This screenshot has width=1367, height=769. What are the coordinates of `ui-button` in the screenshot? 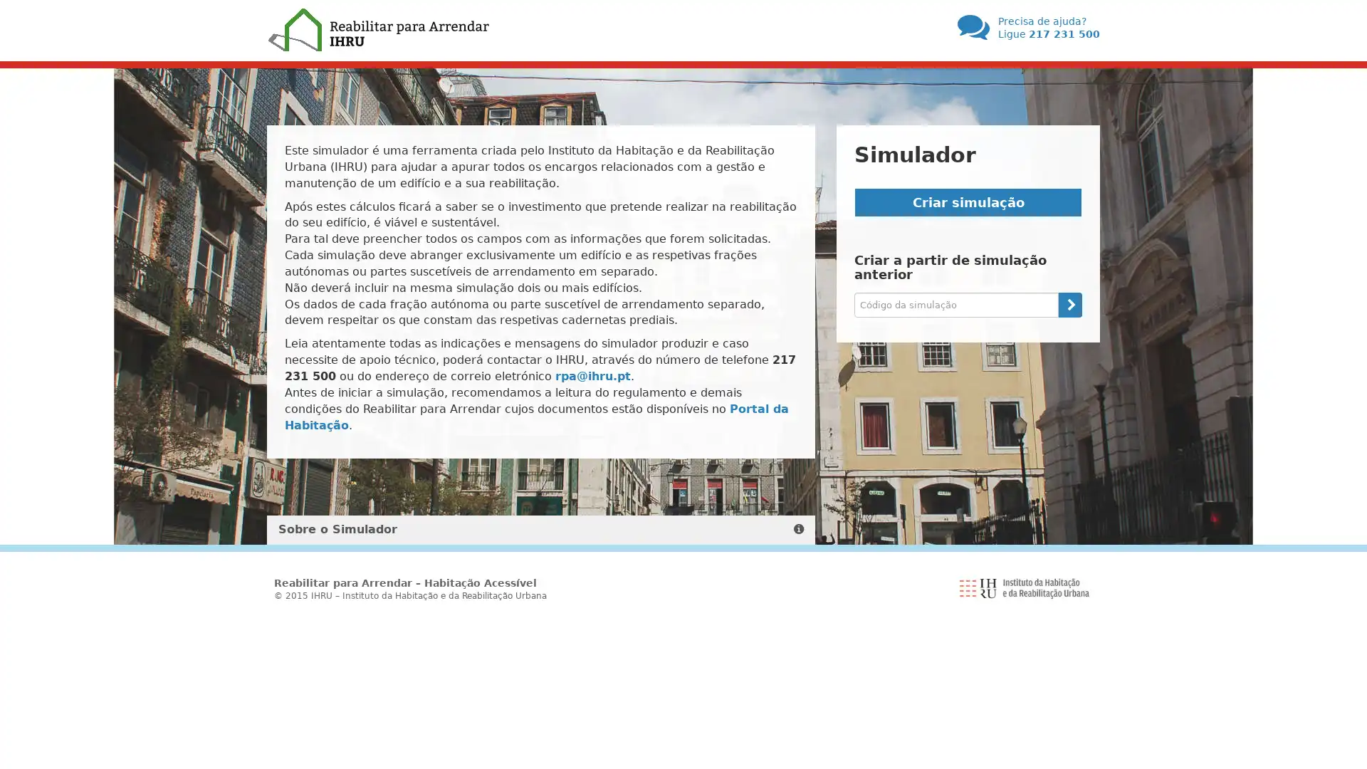 It's located at (1069, 303).